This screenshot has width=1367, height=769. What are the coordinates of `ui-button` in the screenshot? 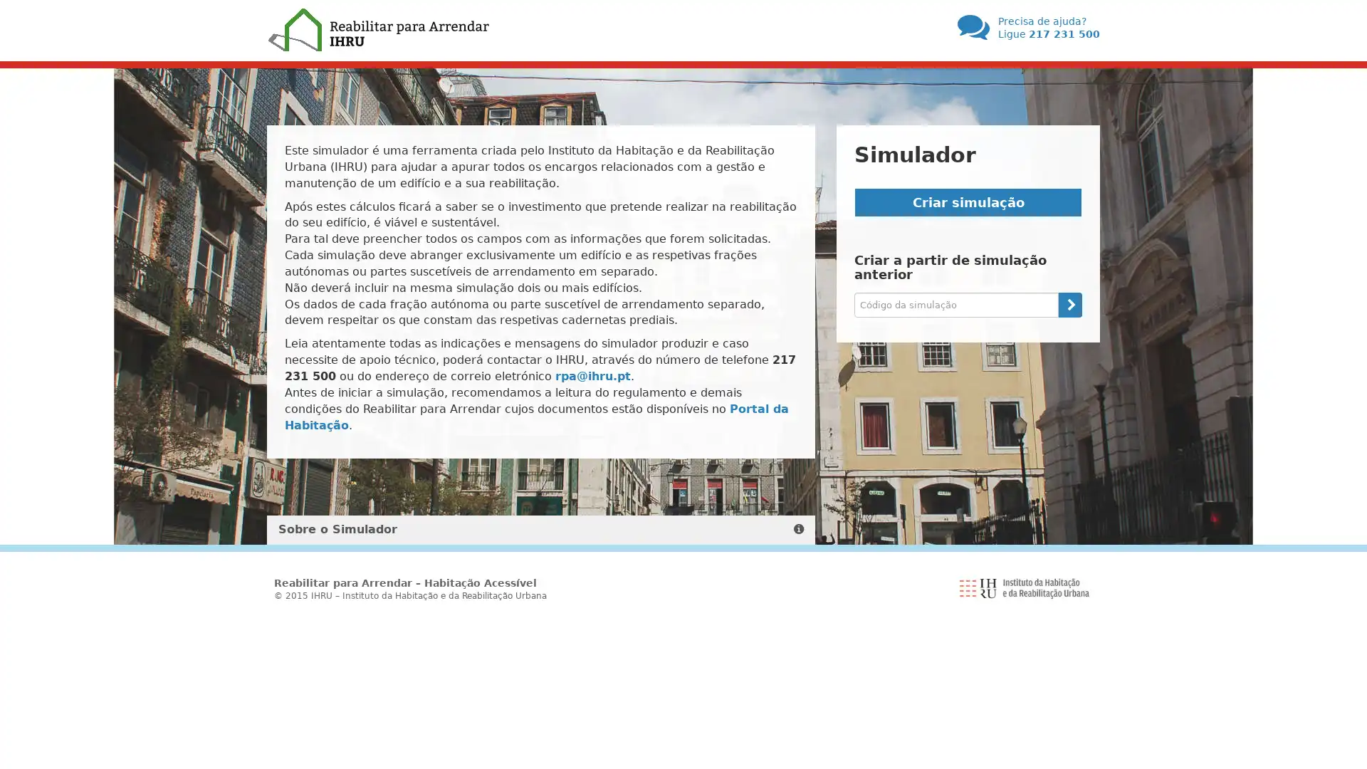 It's located at (1069, 303).